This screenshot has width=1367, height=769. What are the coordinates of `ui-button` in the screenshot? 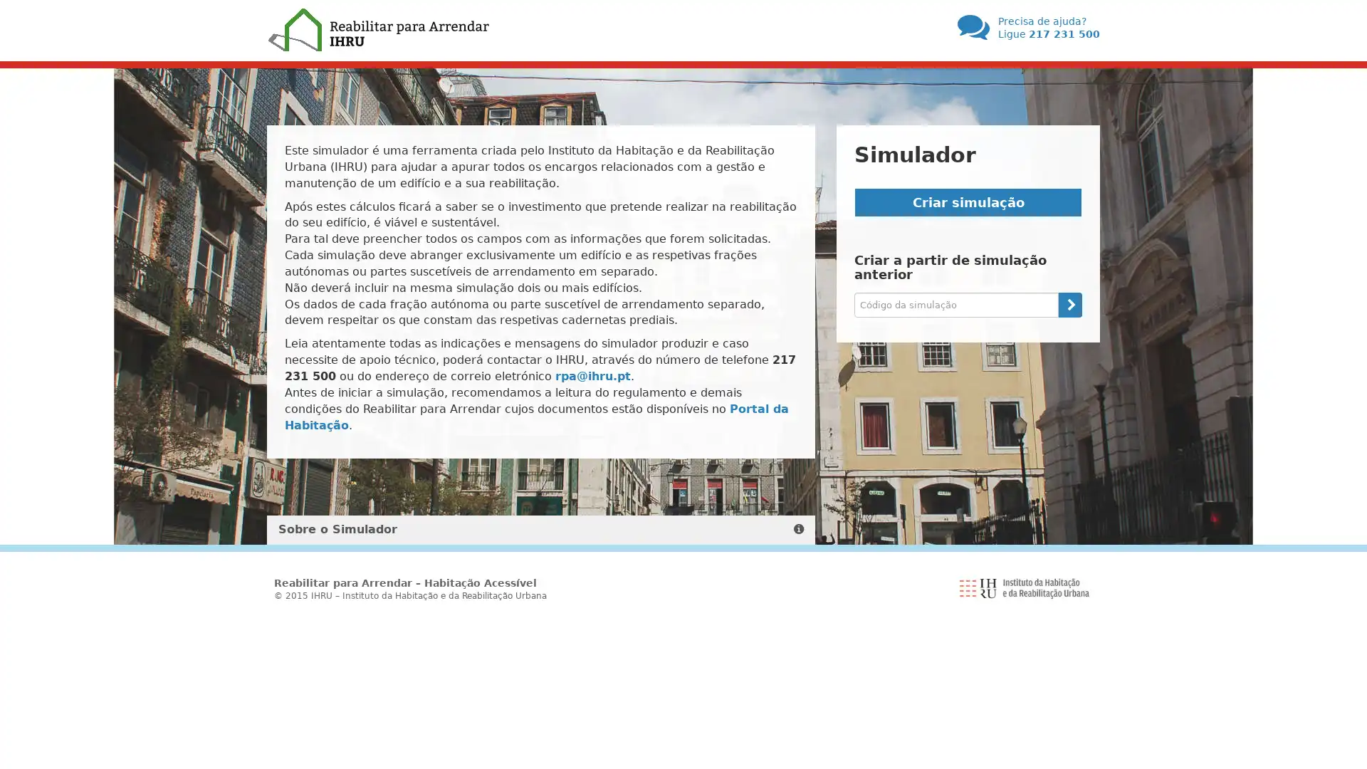 It's located at (1069, 303).